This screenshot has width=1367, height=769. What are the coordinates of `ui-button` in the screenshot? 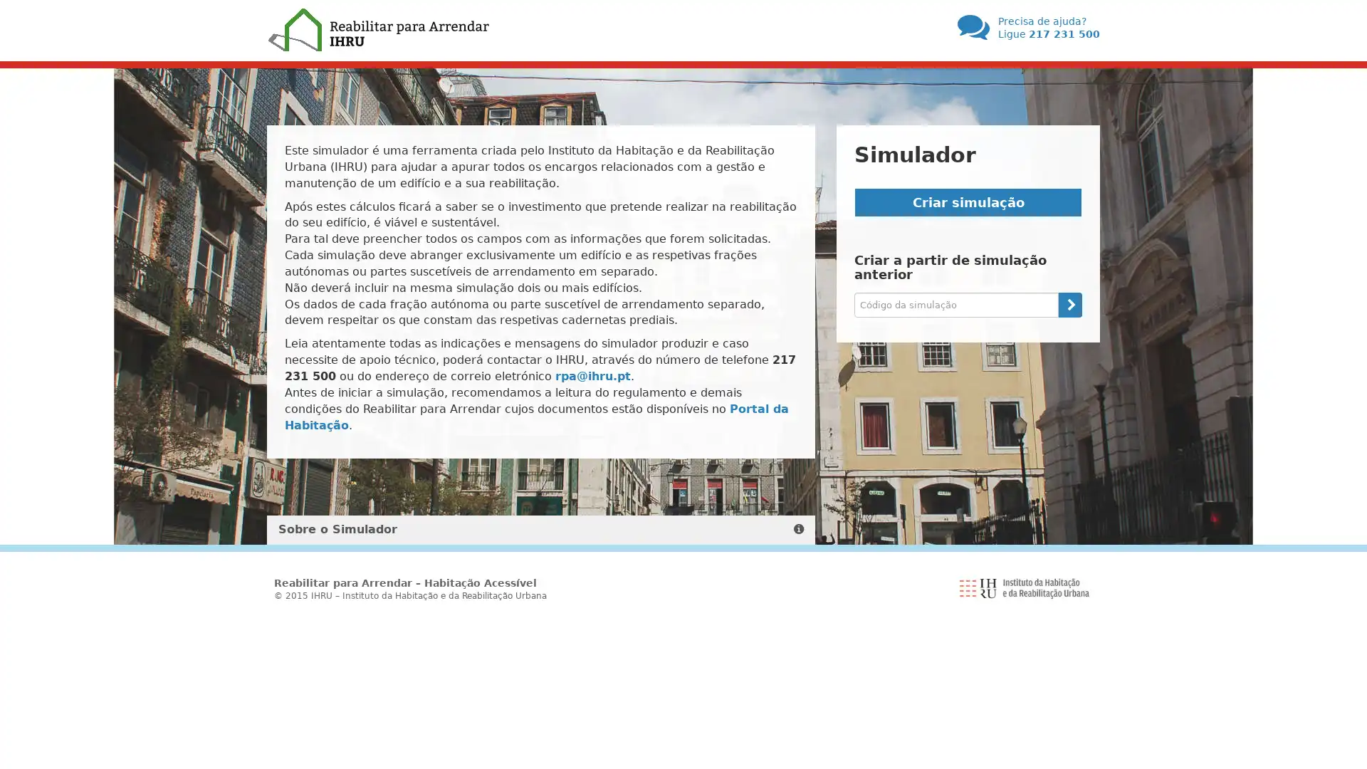 It's located at (1069, 303).